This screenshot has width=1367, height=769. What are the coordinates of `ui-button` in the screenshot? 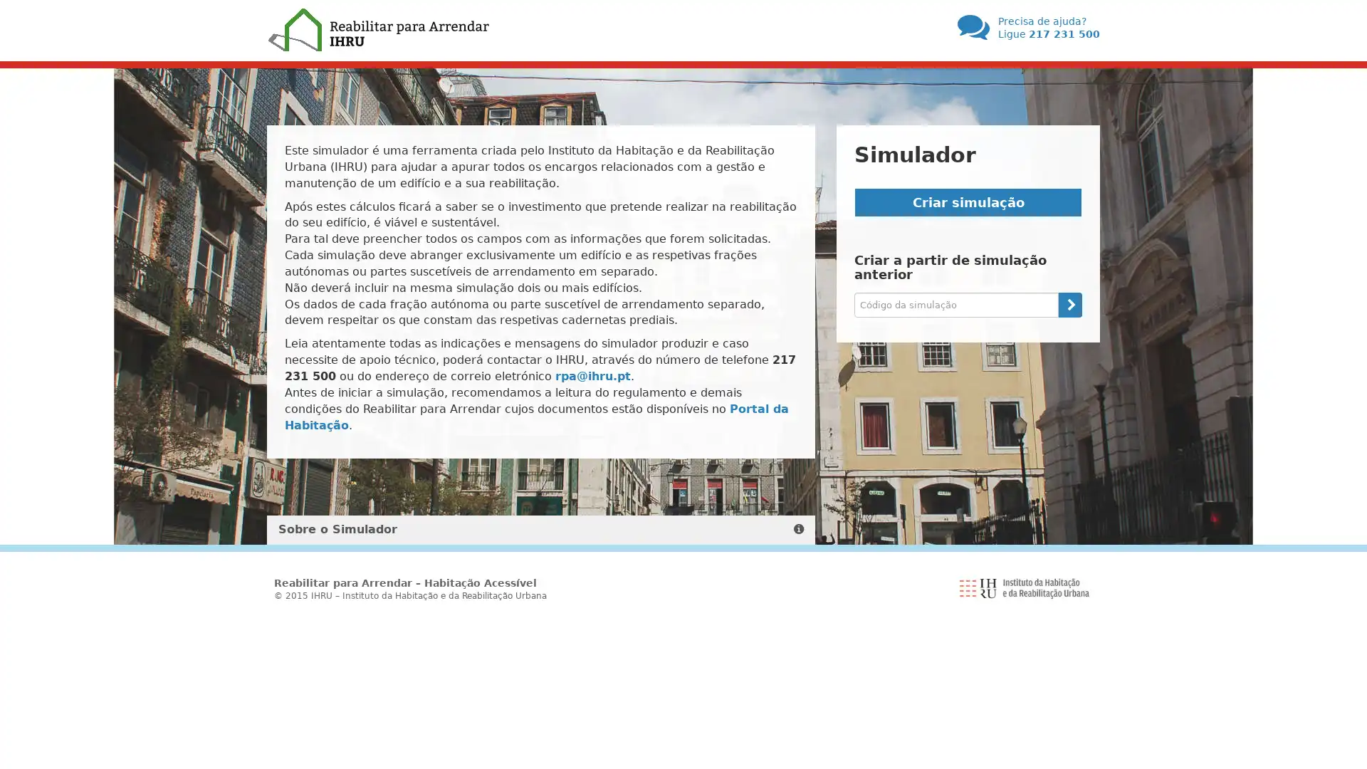 It's located at (1069, 303).